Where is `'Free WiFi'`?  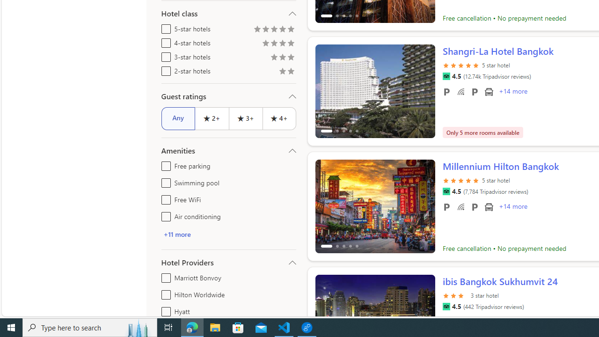 'Free WiFi' is located at coordinates (164, 198).